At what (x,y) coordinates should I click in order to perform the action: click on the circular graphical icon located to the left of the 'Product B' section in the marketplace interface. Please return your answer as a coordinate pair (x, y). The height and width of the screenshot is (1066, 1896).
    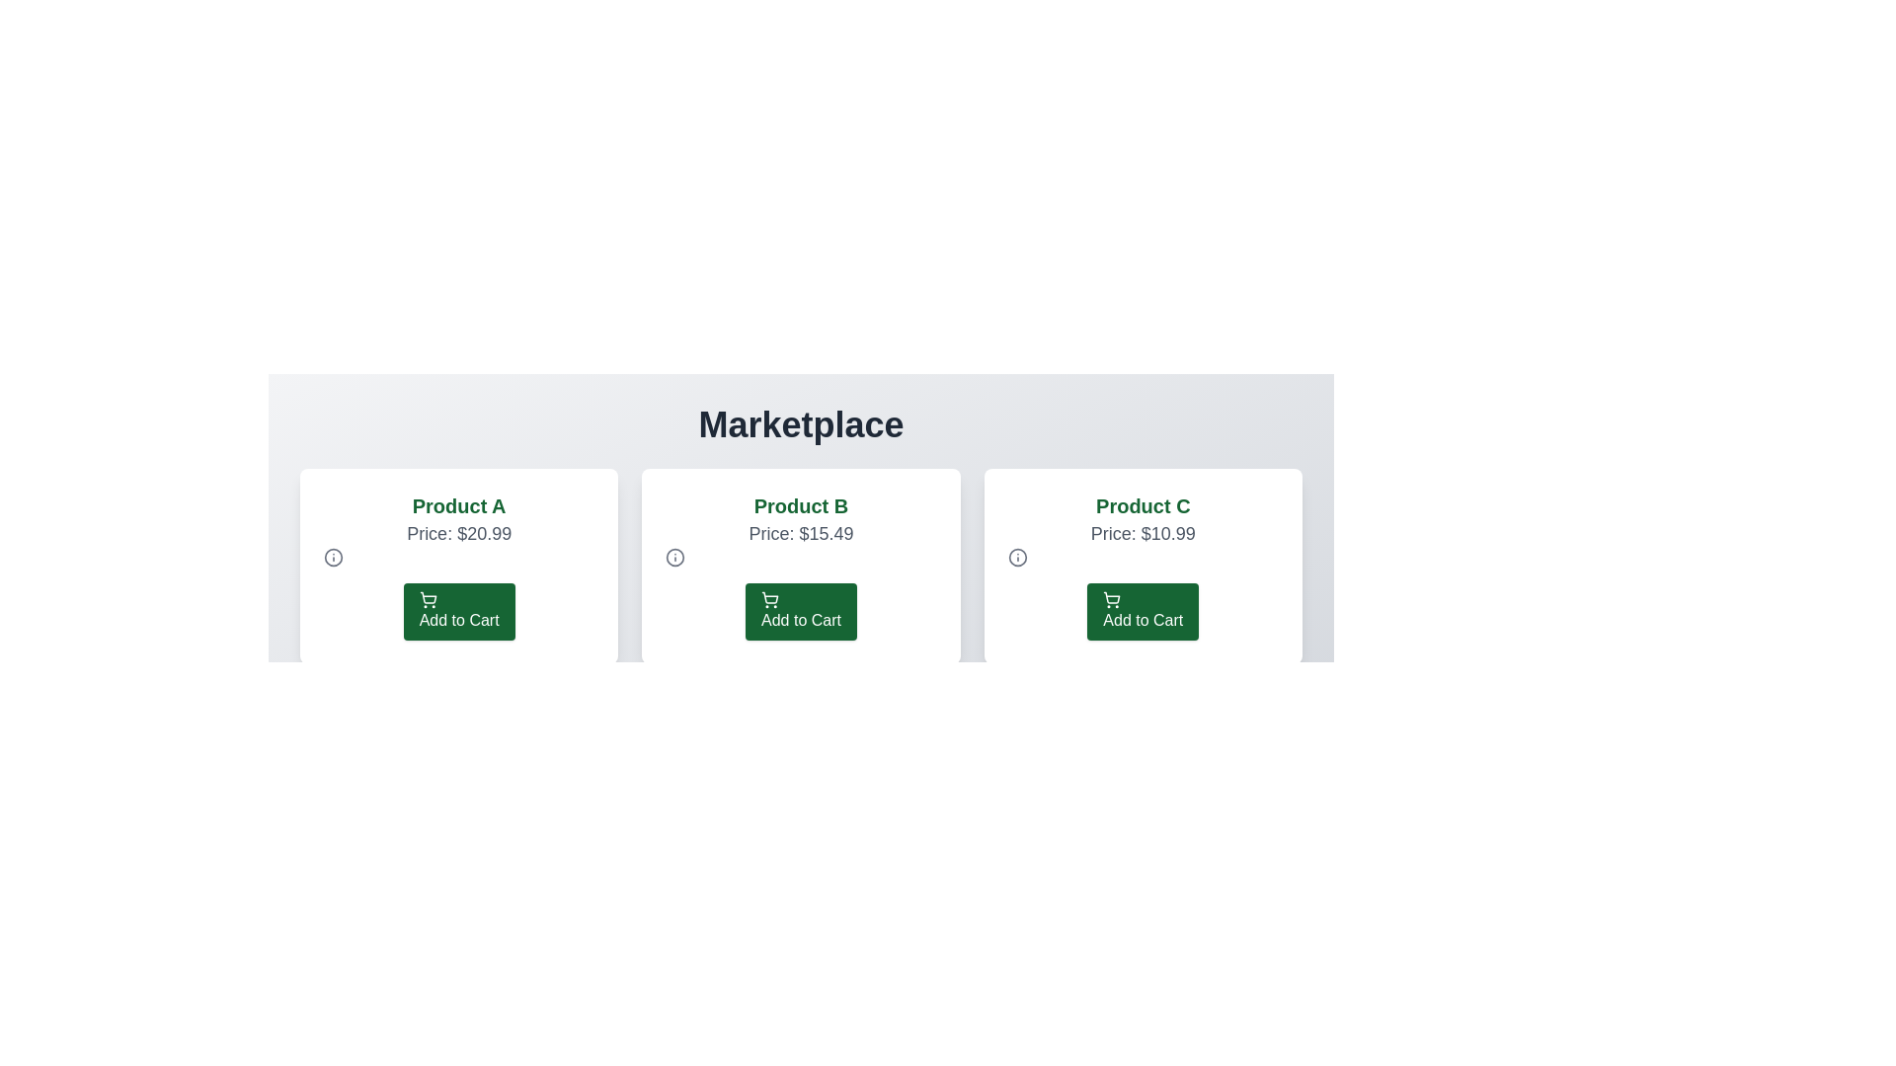
    Looking at the image, I should click on (675, 557).